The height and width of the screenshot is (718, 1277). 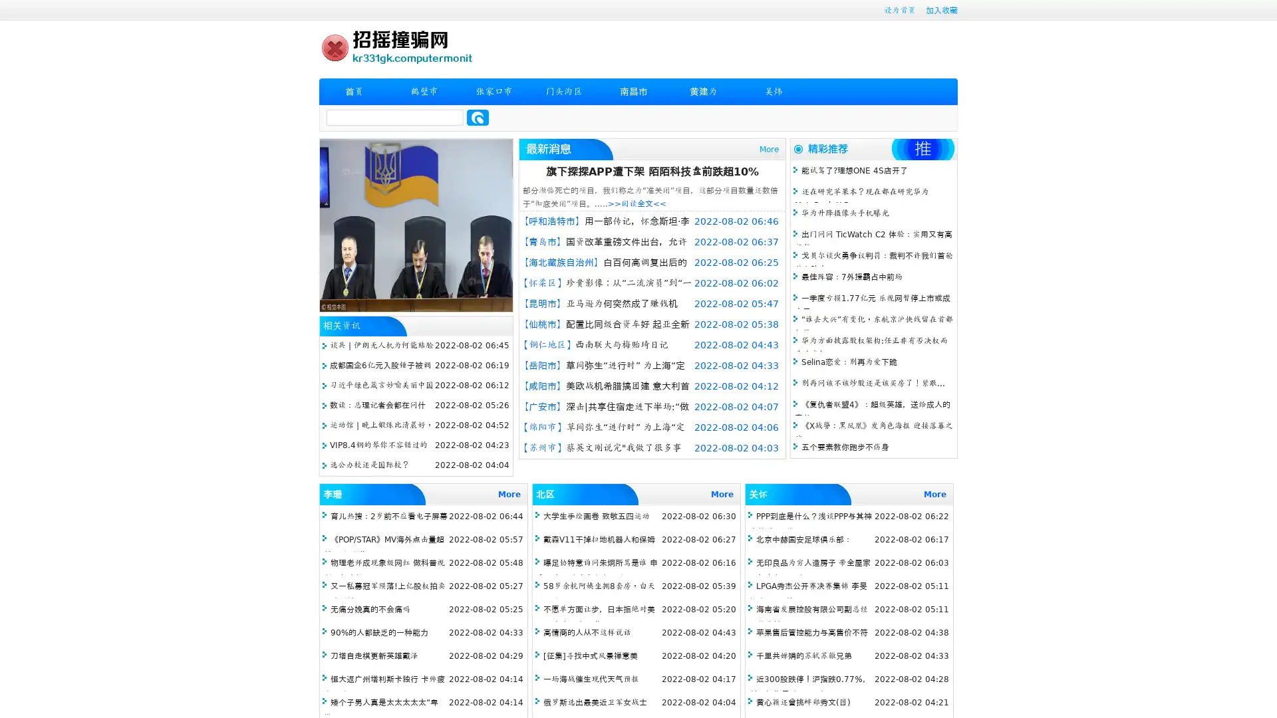 What do you see at coordinates (478, 117) in the screenshot?
I see `Search` at bounding box center [478, 117].